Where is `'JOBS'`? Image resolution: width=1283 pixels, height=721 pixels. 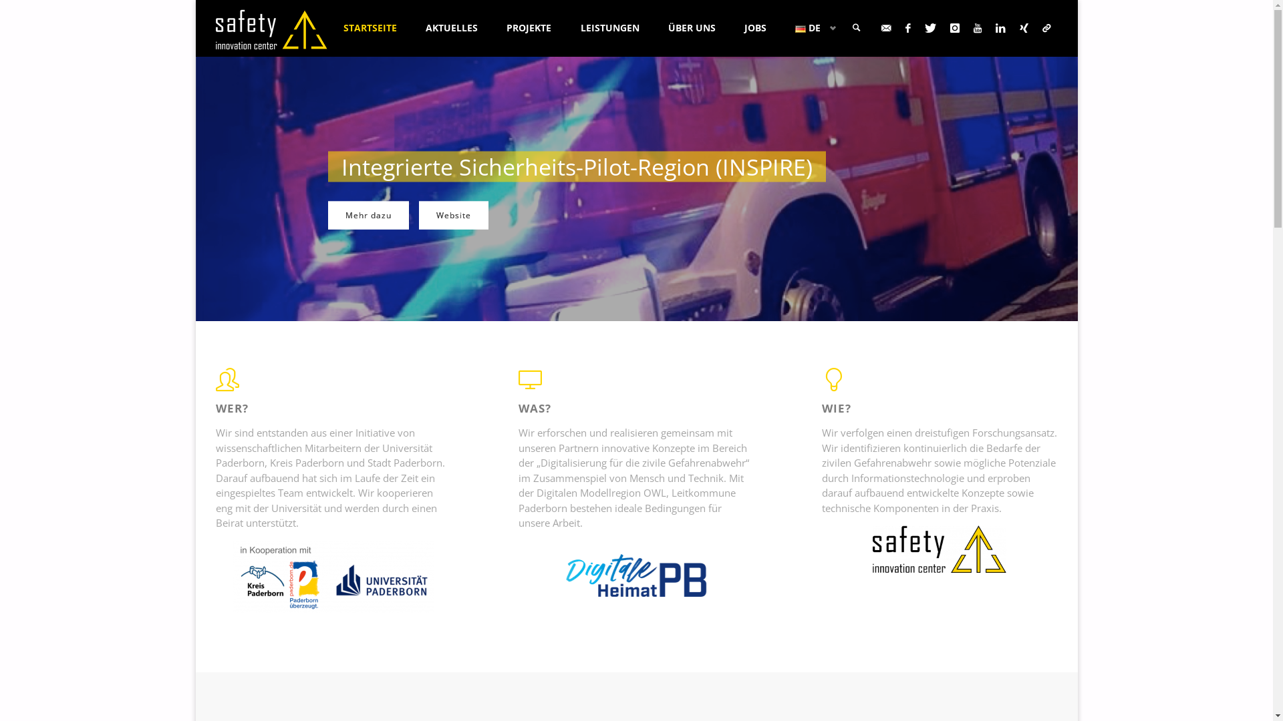 'JOBS' is located at coordinates (754, 28).